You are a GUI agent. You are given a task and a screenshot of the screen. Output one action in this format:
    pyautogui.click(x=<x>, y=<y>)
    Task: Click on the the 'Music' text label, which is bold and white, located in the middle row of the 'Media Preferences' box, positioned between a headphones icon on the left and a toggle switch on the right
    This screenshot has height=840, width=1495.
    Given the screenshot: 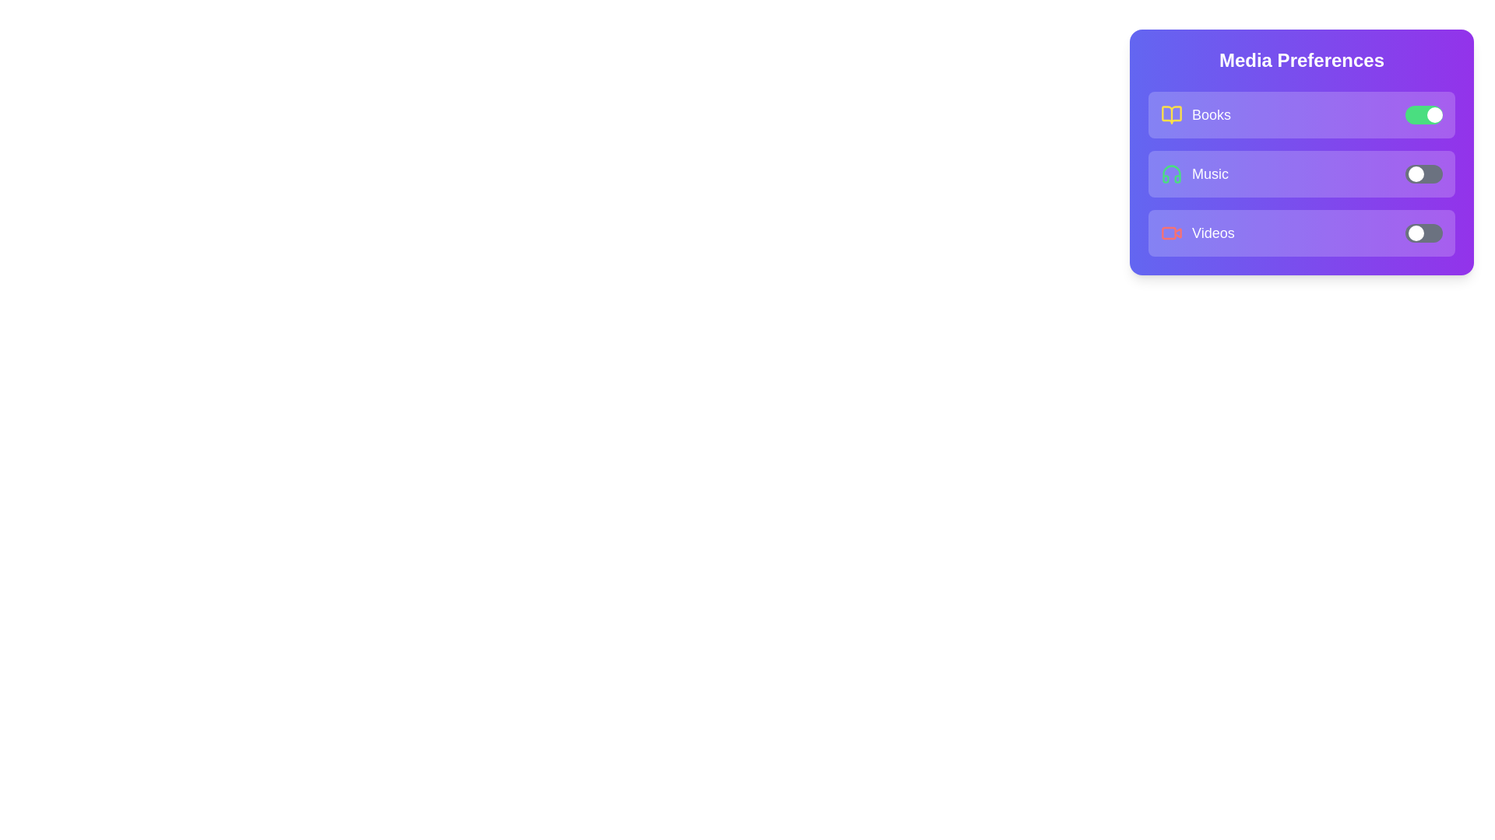 What is the action you would take?
    pyautogui.click(x=1209, y=173)
    